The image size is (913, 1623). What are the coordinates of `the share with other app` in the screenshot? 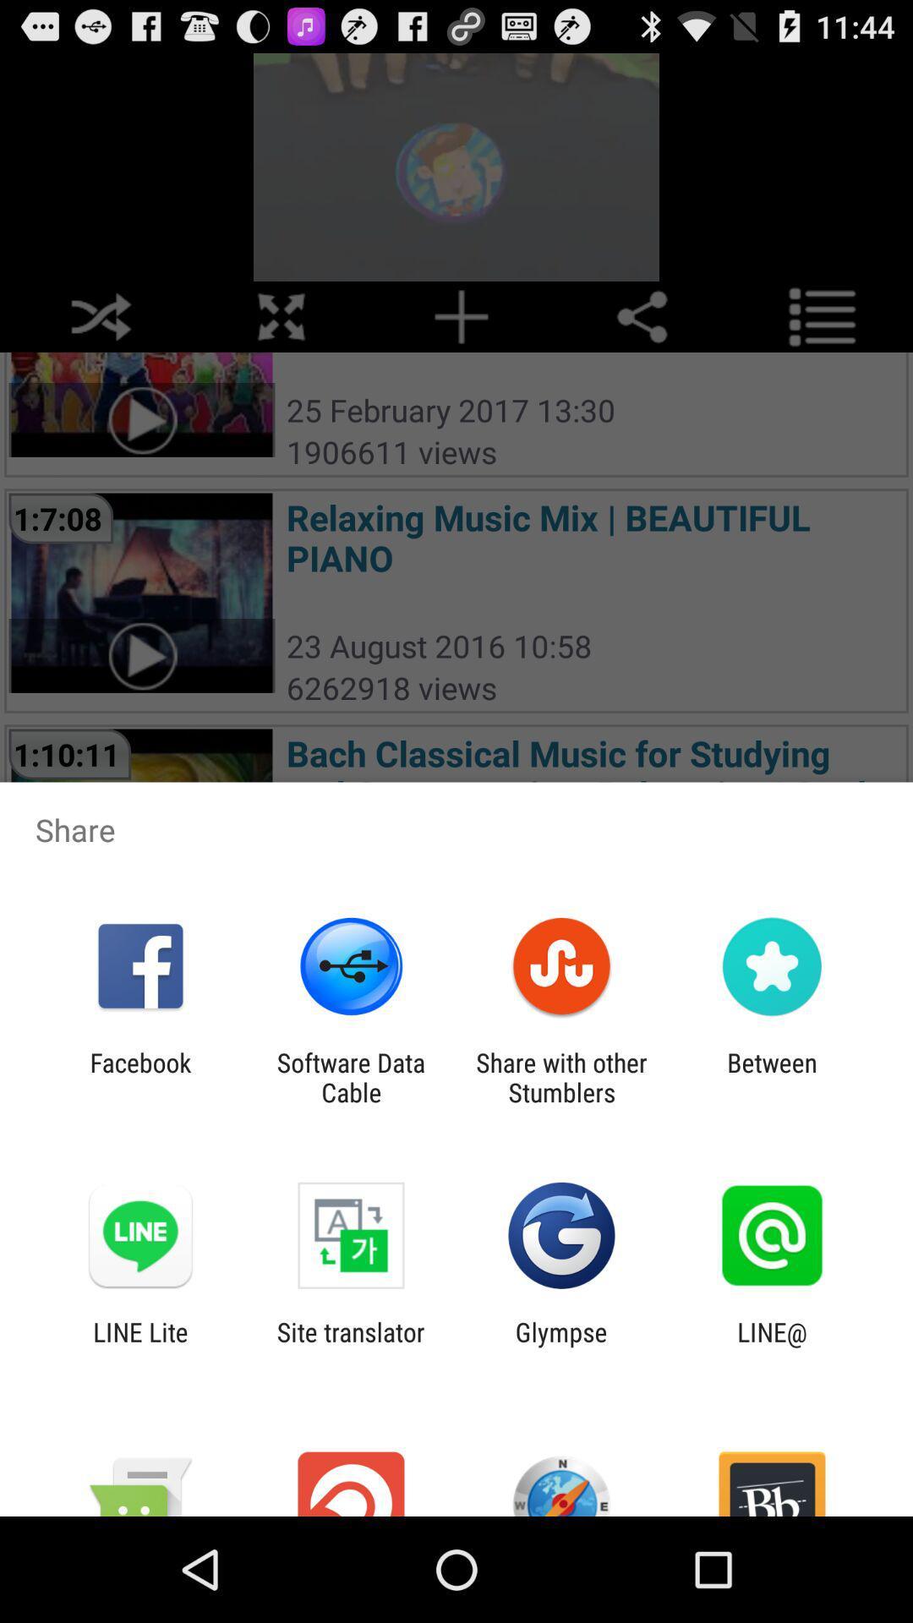 It's located at (561, 1077).